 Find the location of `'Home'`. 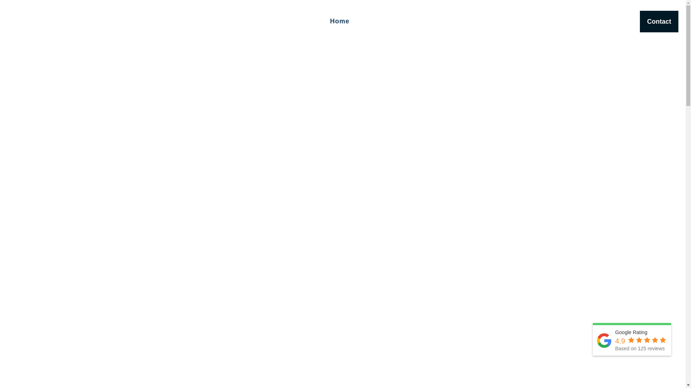

'Home' is located at coordinates (339, 21).